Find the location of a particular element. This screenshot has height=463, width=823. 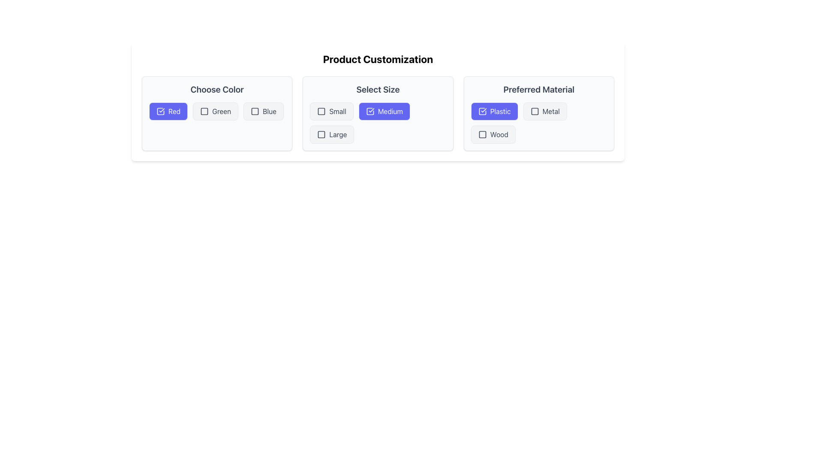

the 'Blue' checkbox within the 'Choose Color' section is located at coordinates (255, 111).